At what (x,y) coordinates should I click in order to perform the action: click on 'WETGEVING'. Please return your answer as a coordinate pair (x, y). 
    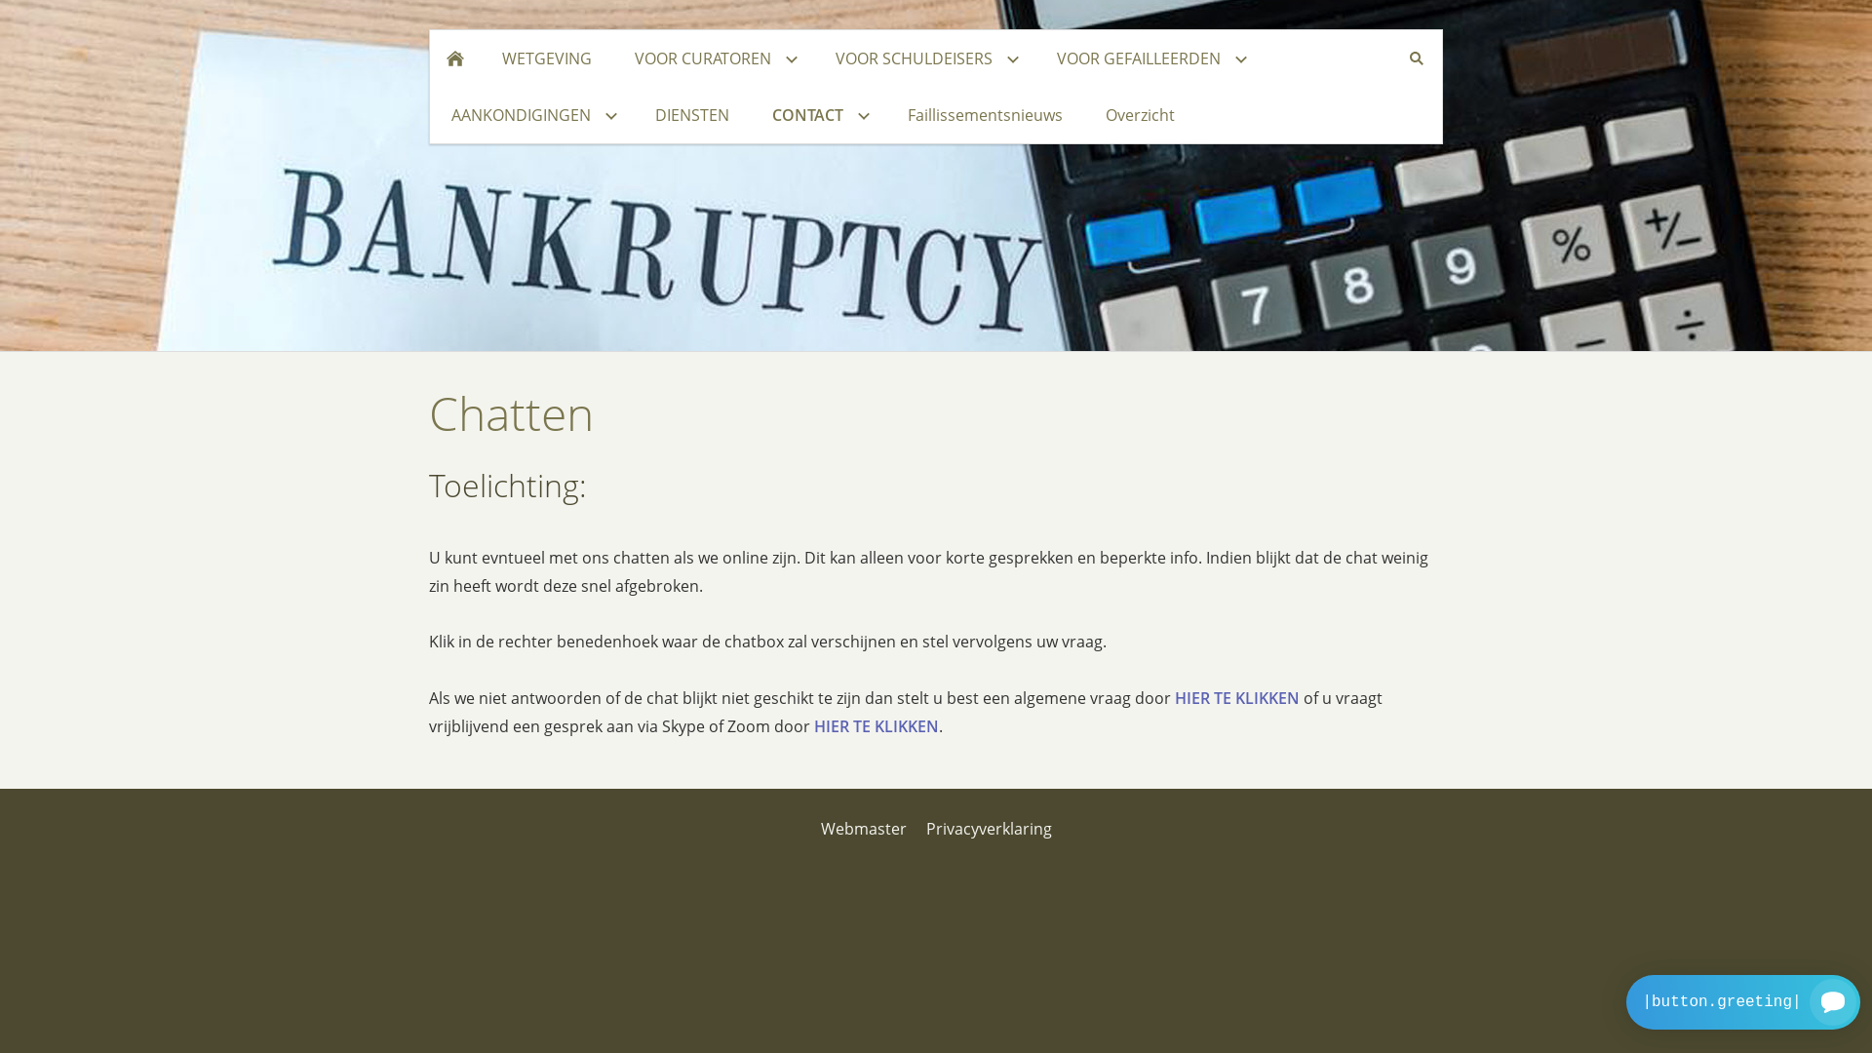
    Looking at the image, I should click on (546, 58).